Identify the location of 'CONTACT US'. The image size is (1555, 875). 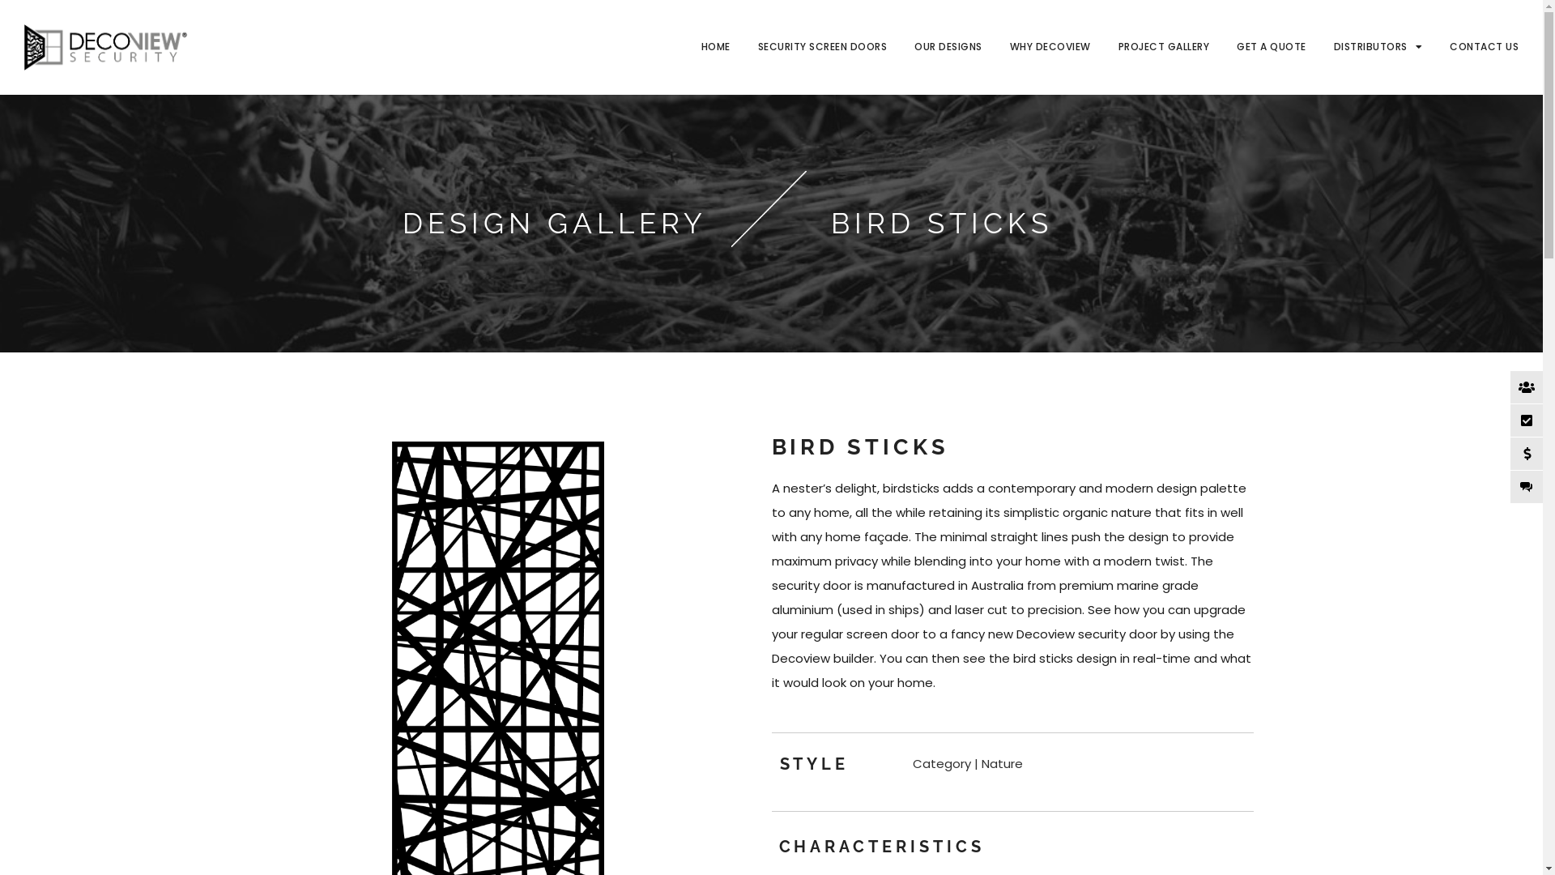
(1484, 45).